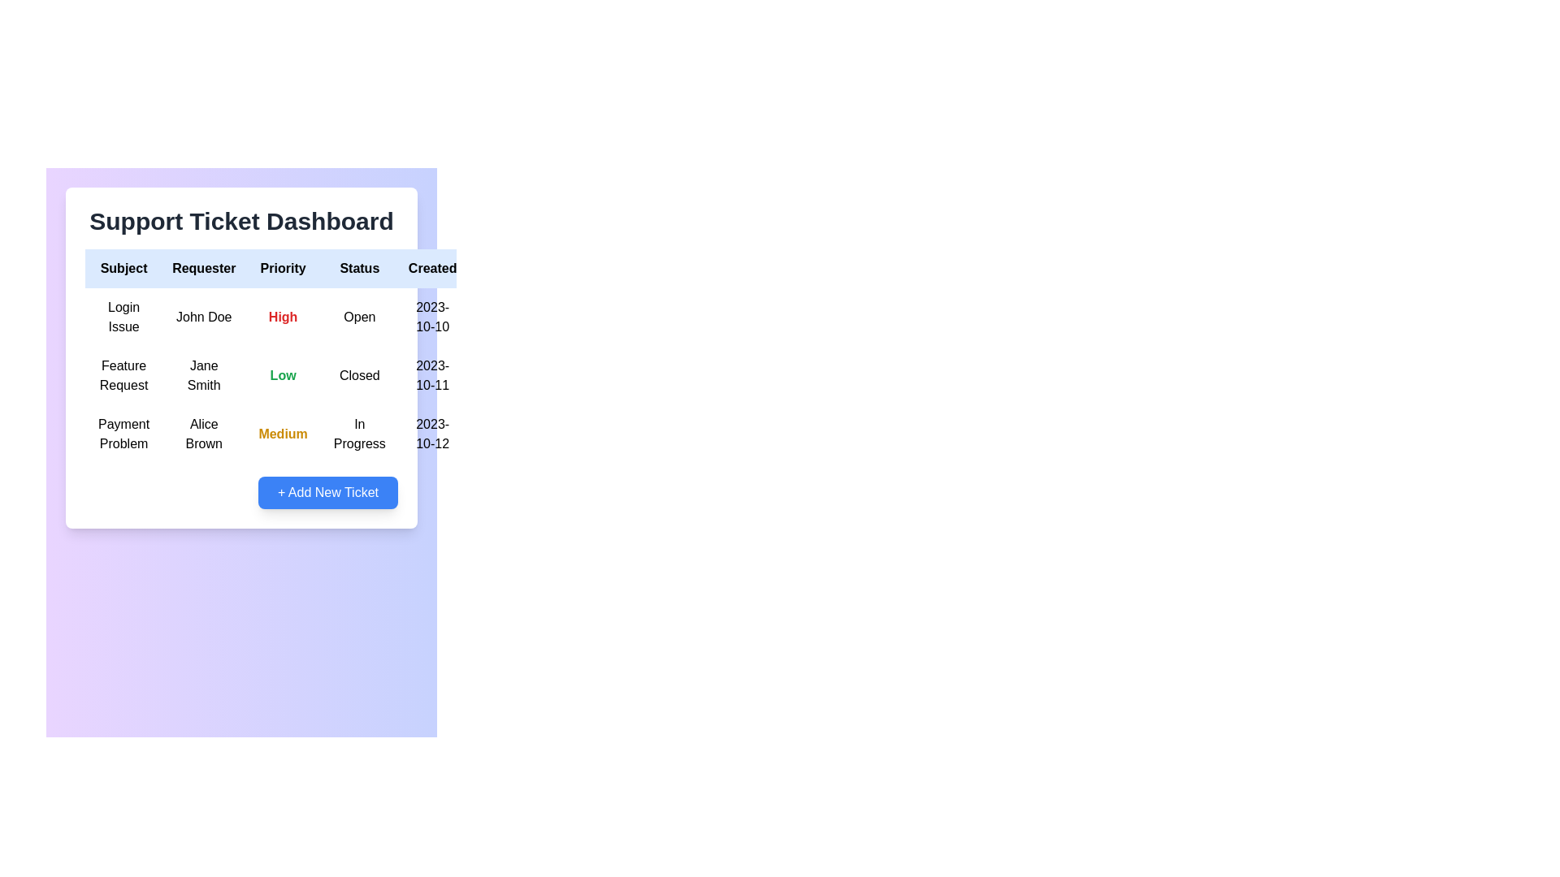 This screenshot has height=877, width=1560. What do you see at coordinates (283, 375) in the screenshot?
I see `the 'Low' text label indicating low priority for the 'Feature Request' ticket in the support dashboard` at bounding box center [283, 375].